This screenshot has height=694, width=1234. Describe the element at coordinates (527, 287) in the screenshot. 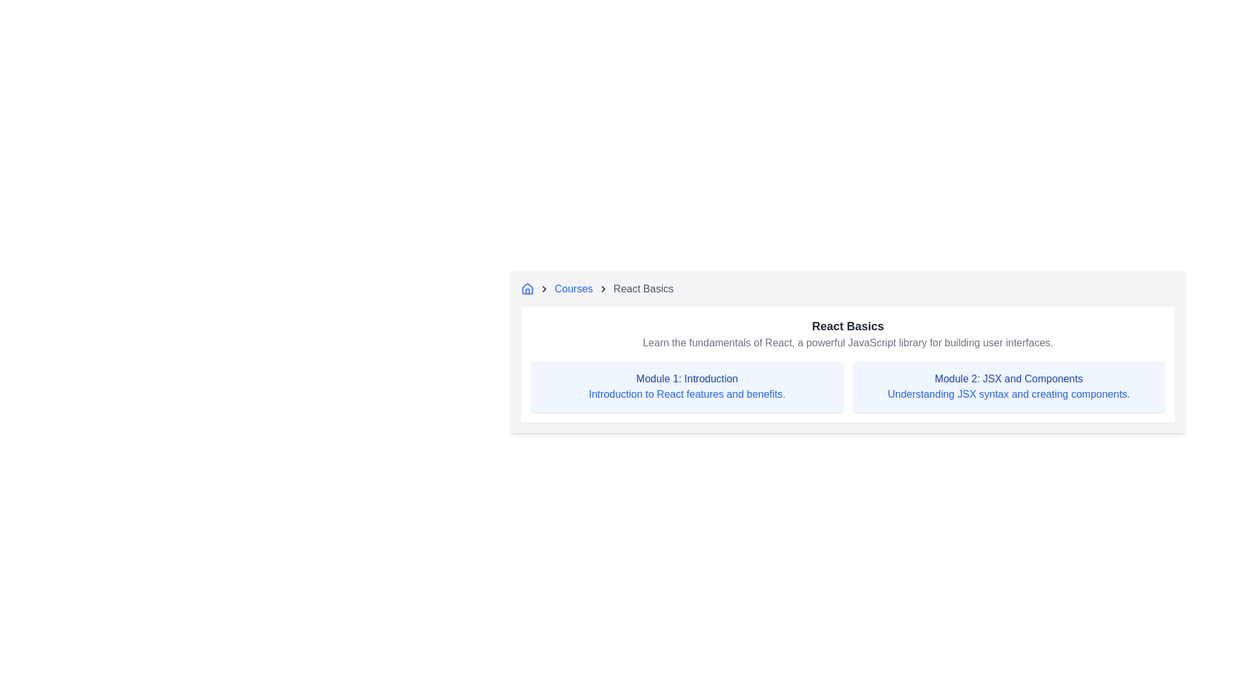

I see `the larger roof-like graphical component of the house icon, which is part of the breadcrumb navigation at the top-left corner of the interface, adjacent to the text 'Courses'` at that location.